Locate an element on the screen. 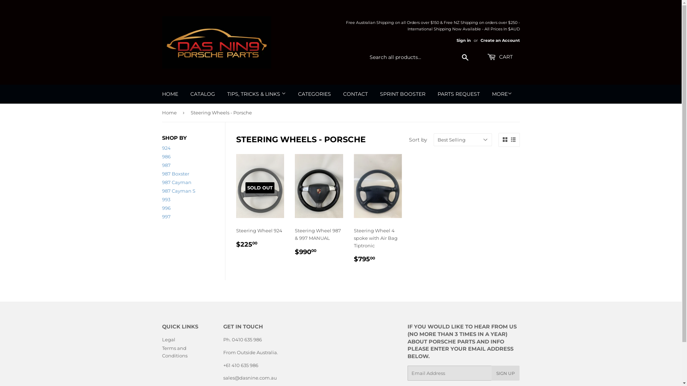  'sales@dasnine.com.au' is located at coordinates (250, 377).